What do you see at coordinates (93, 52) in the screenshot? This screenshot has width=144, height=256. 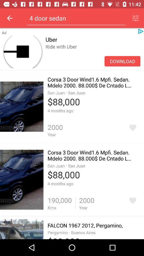 I see `item above corsa 3 door icon` at bounding box center [93, 52].